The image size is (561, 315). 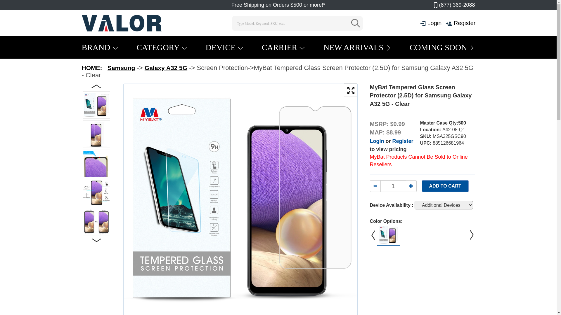 What do you see at coordinates (445, 186) in the screenshot?
I see `'ADD TO CART'` at bounding box center [445, 186].